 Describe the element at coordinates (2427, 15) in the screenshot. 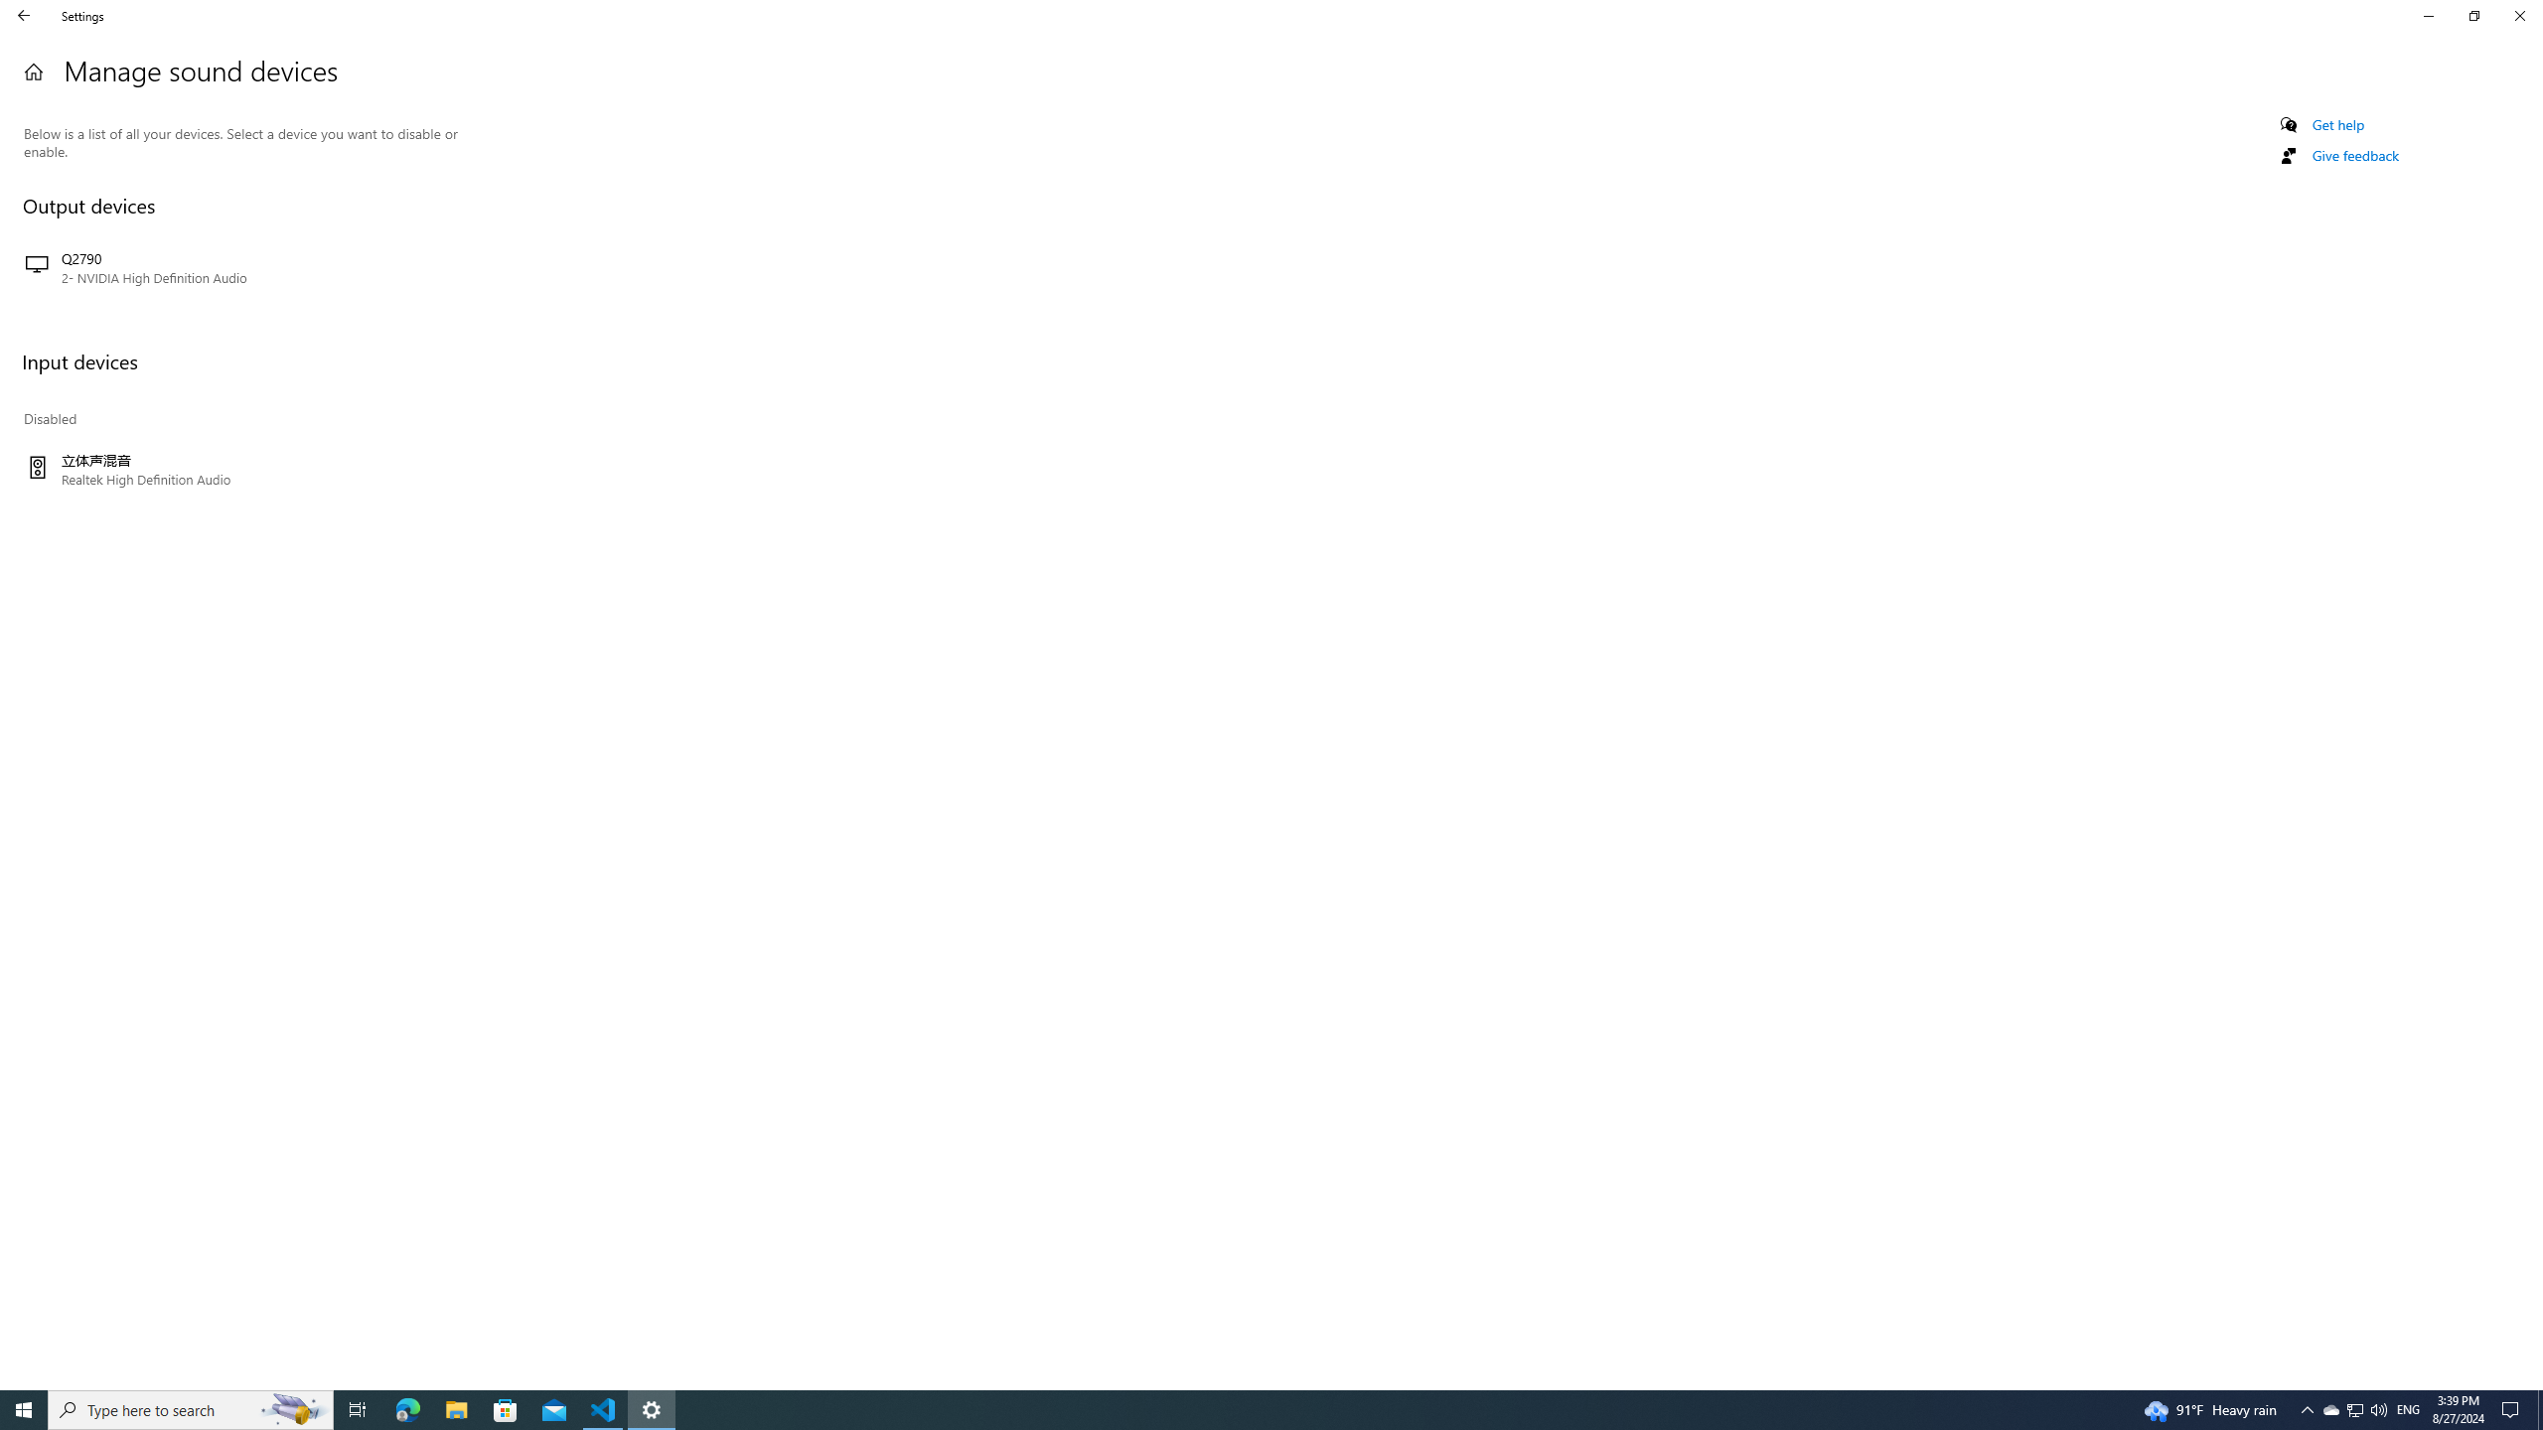

I see `'Minimize Settings'` at that location.